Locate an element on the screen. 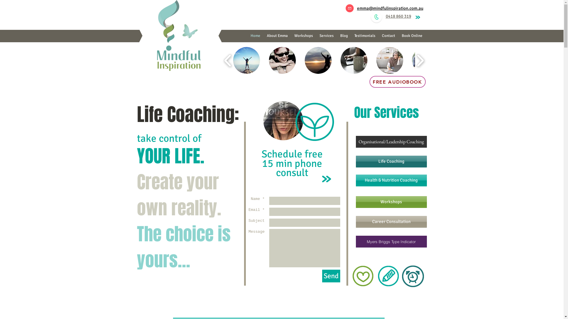 The image size is (568, 319). 'emma@mindfulinspiration.com.au' is located at coordinates (390, 8).